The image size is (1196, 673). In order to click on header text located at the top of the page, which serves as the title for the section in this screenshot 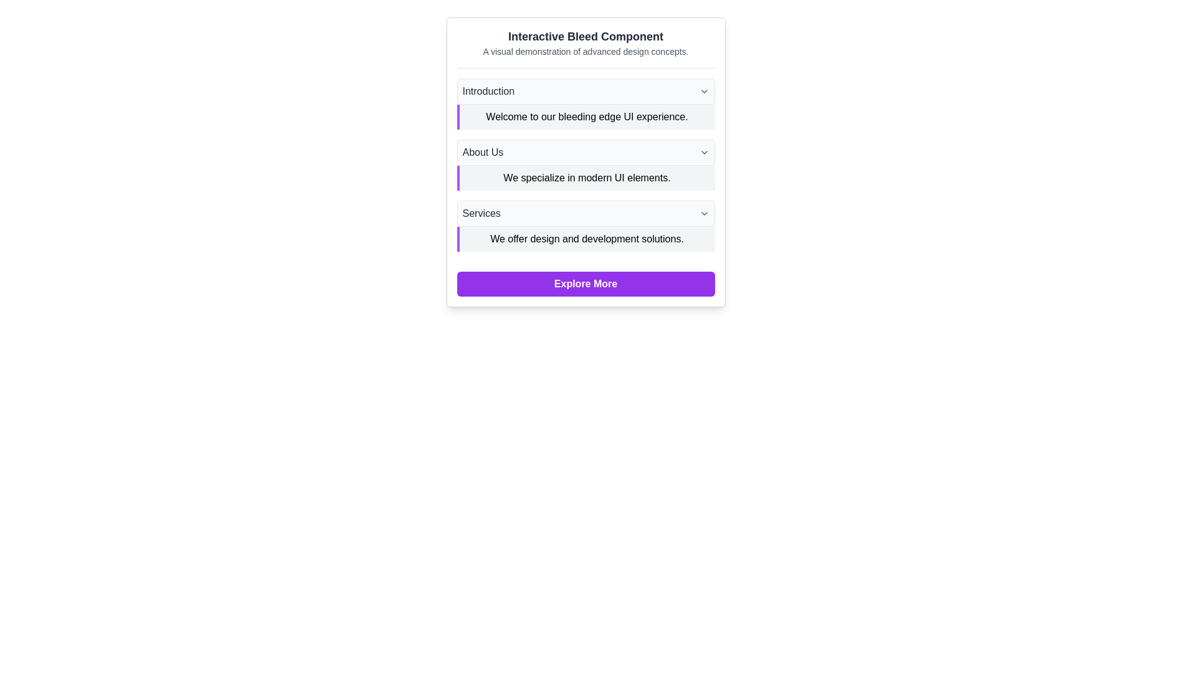, I will do `click(585, 36)`.